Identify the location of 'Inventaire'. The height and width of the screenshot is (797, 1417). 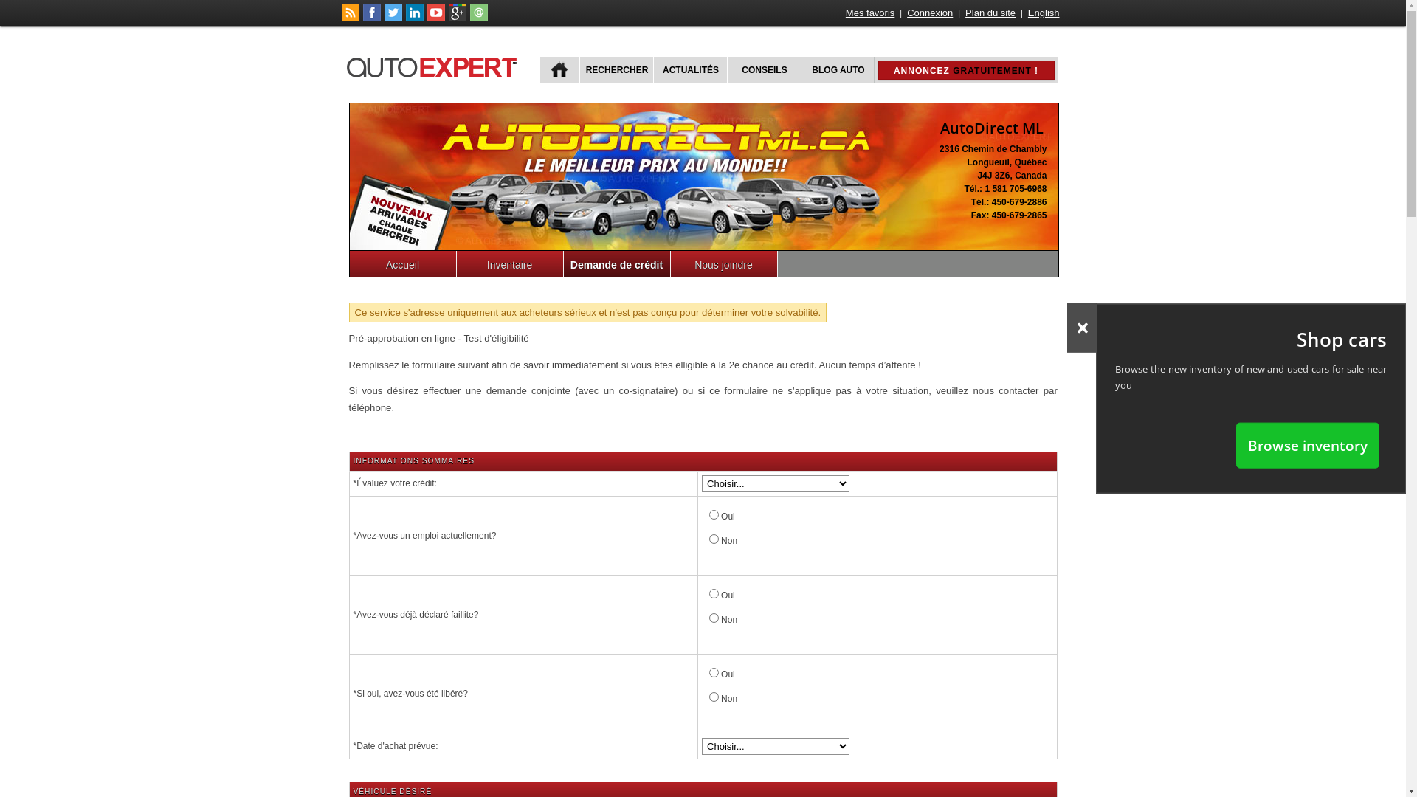
(509, 263).